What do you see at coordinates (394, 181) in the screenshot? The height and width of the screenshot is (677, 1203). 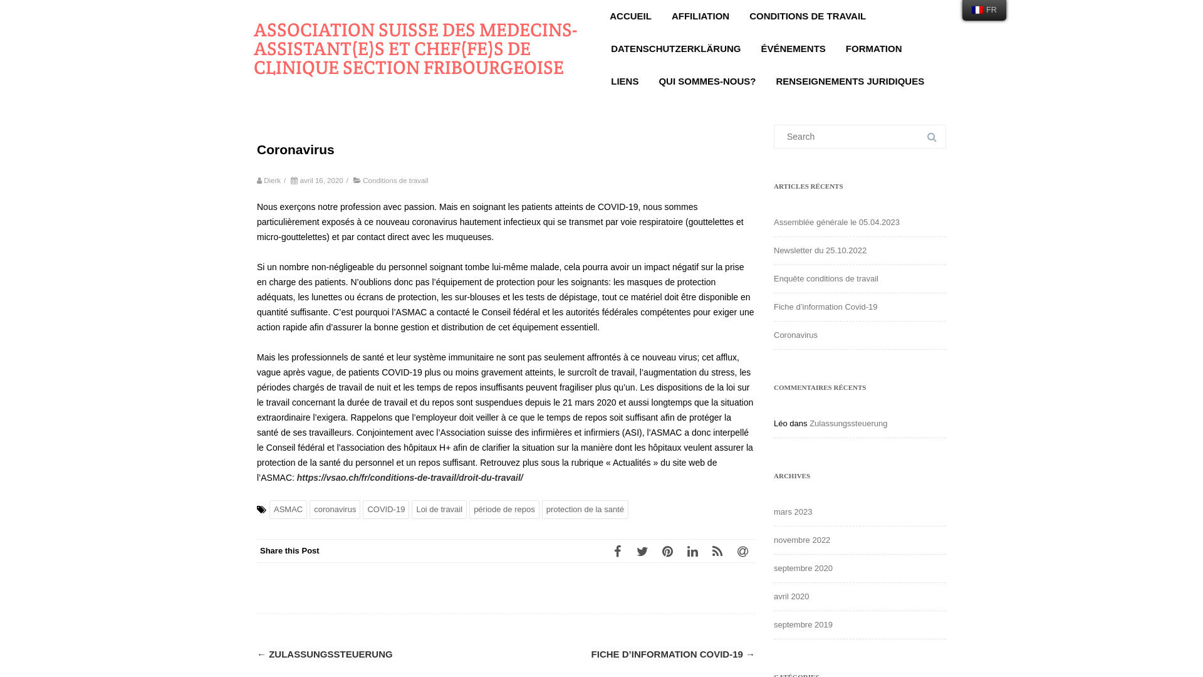 I see `'Conditions de travail'` at bounding box center [394, 181].